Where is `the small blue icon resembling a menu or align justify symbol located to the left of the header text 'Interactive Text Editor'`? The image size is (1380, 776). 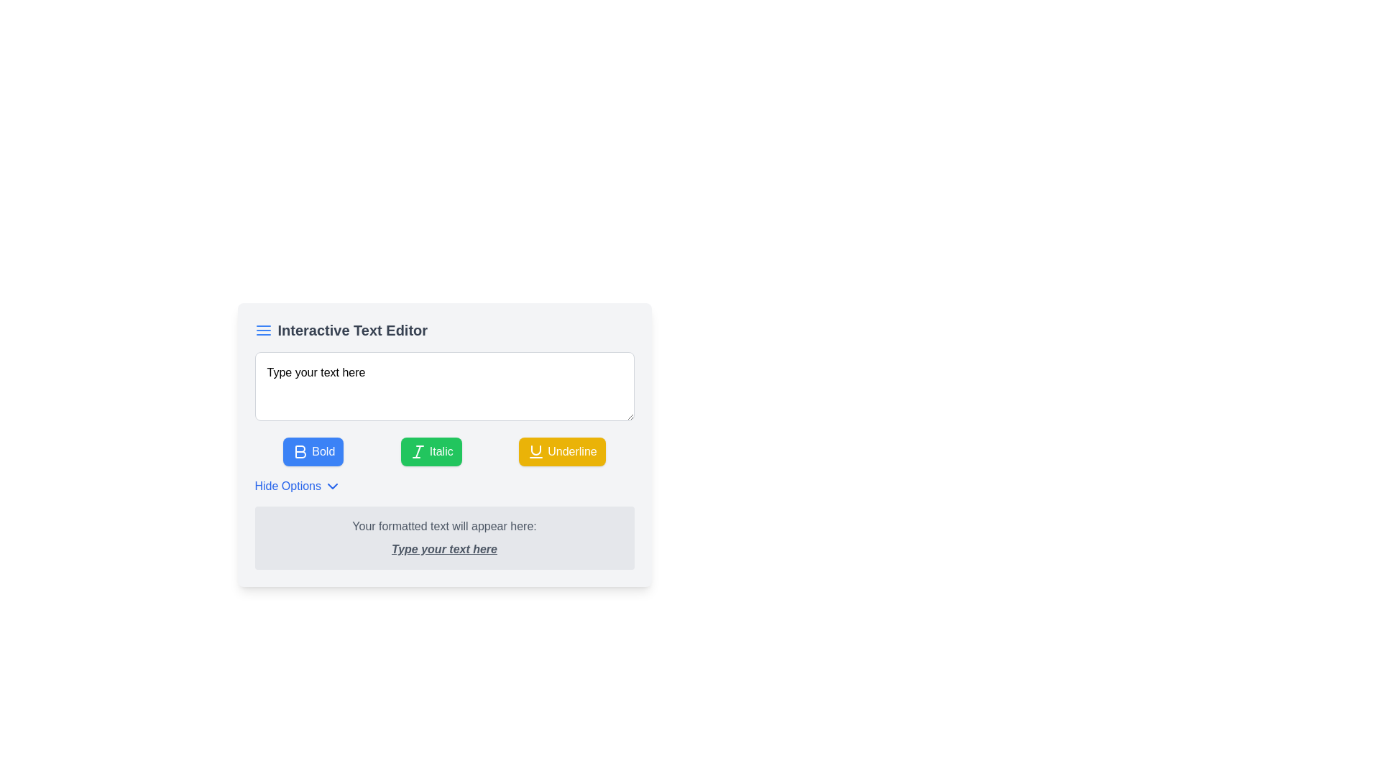 the small blue icon resembling a menu or align justify symbol located to the left of the header text 'Interactive Text Editor' is located at coordinates (263, 330).